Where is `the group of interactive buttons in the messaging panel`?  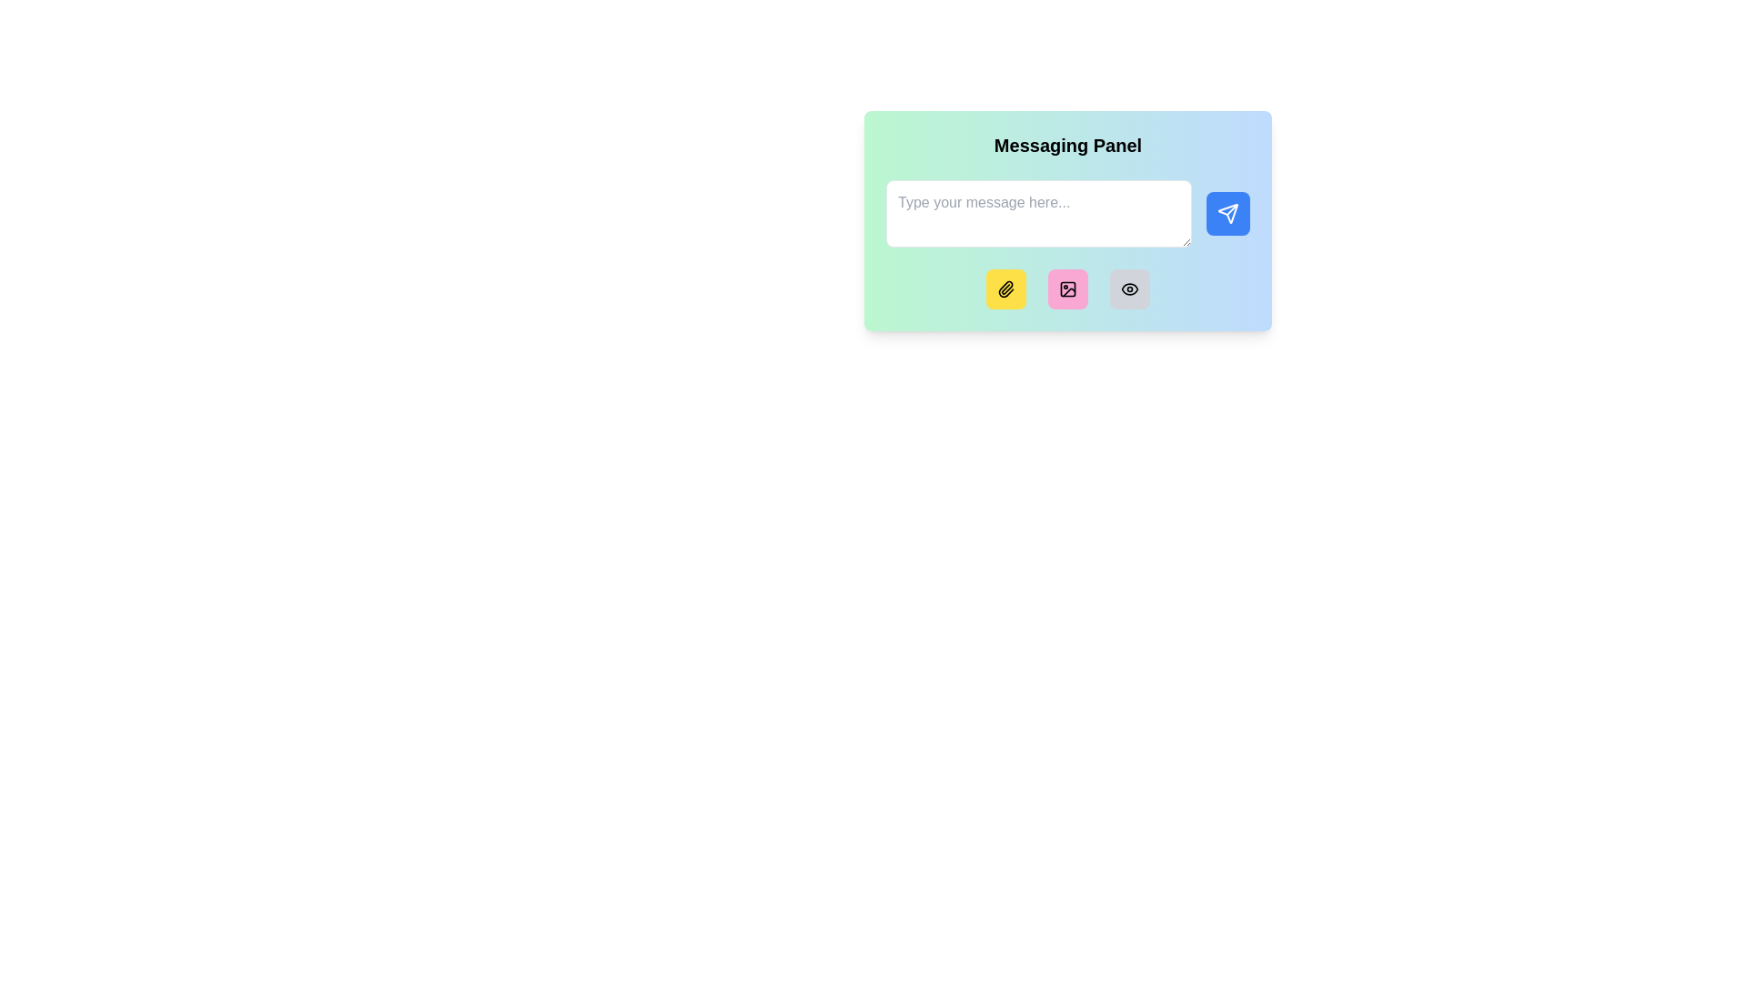
the group of interactive buttons in the messaging panel is located at coordinates (1068, 288).